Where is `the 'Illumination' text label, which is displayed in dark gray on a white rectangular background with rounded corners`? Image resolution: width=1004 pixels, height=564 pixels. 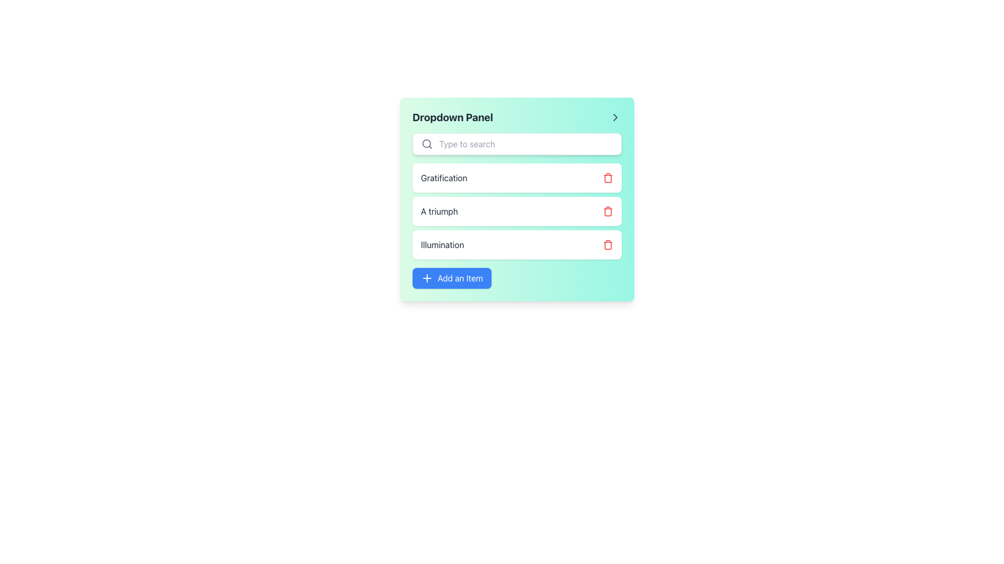 the 'Illumination' text label, which is displayed in dark gray on a white rectangular background with rounded corners is located at coordinates (442, 245).